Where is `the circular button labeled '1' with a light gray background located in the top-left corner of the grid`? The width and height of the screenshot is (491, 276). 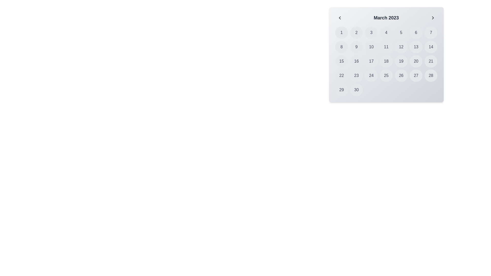 the circular button labeled '1' with a light gray background located in the top-left corner of the grid is located at coordinates (341, 32).